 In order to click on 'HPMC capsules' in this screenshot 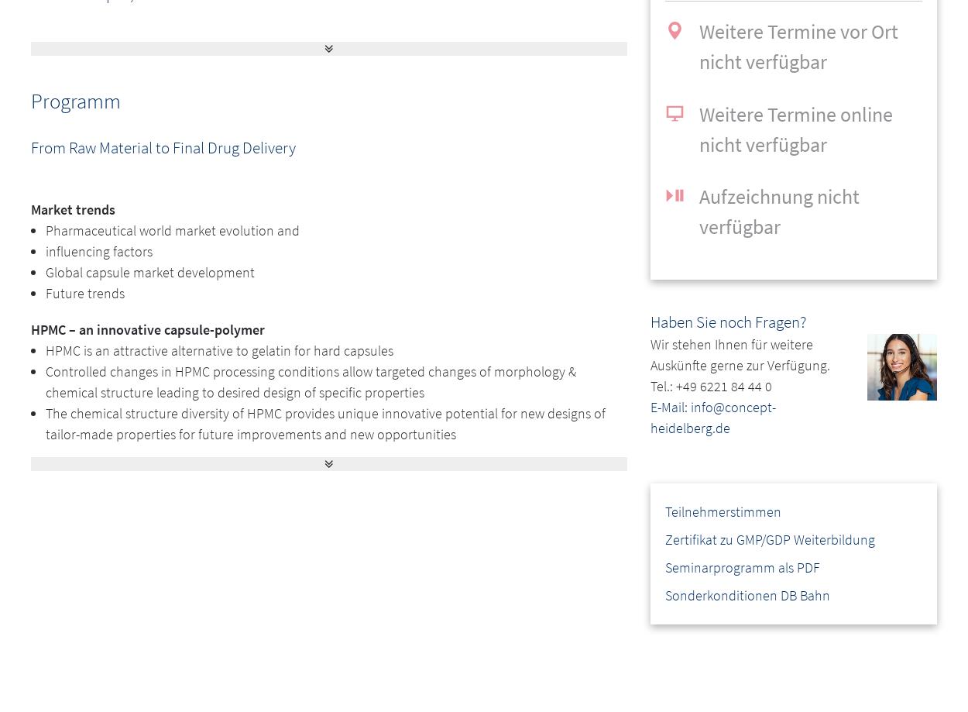, I will do `click(88, 552)`.